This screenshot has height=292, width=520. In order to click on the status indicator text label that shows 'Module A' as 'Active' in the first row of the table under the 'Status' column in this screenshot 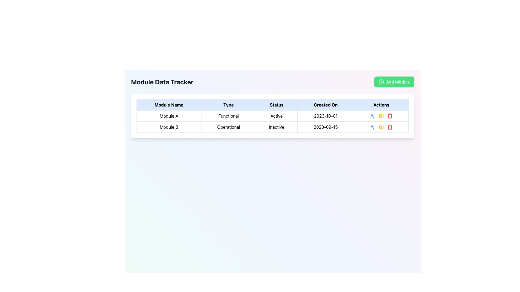, I will do `click(277, 115)`.